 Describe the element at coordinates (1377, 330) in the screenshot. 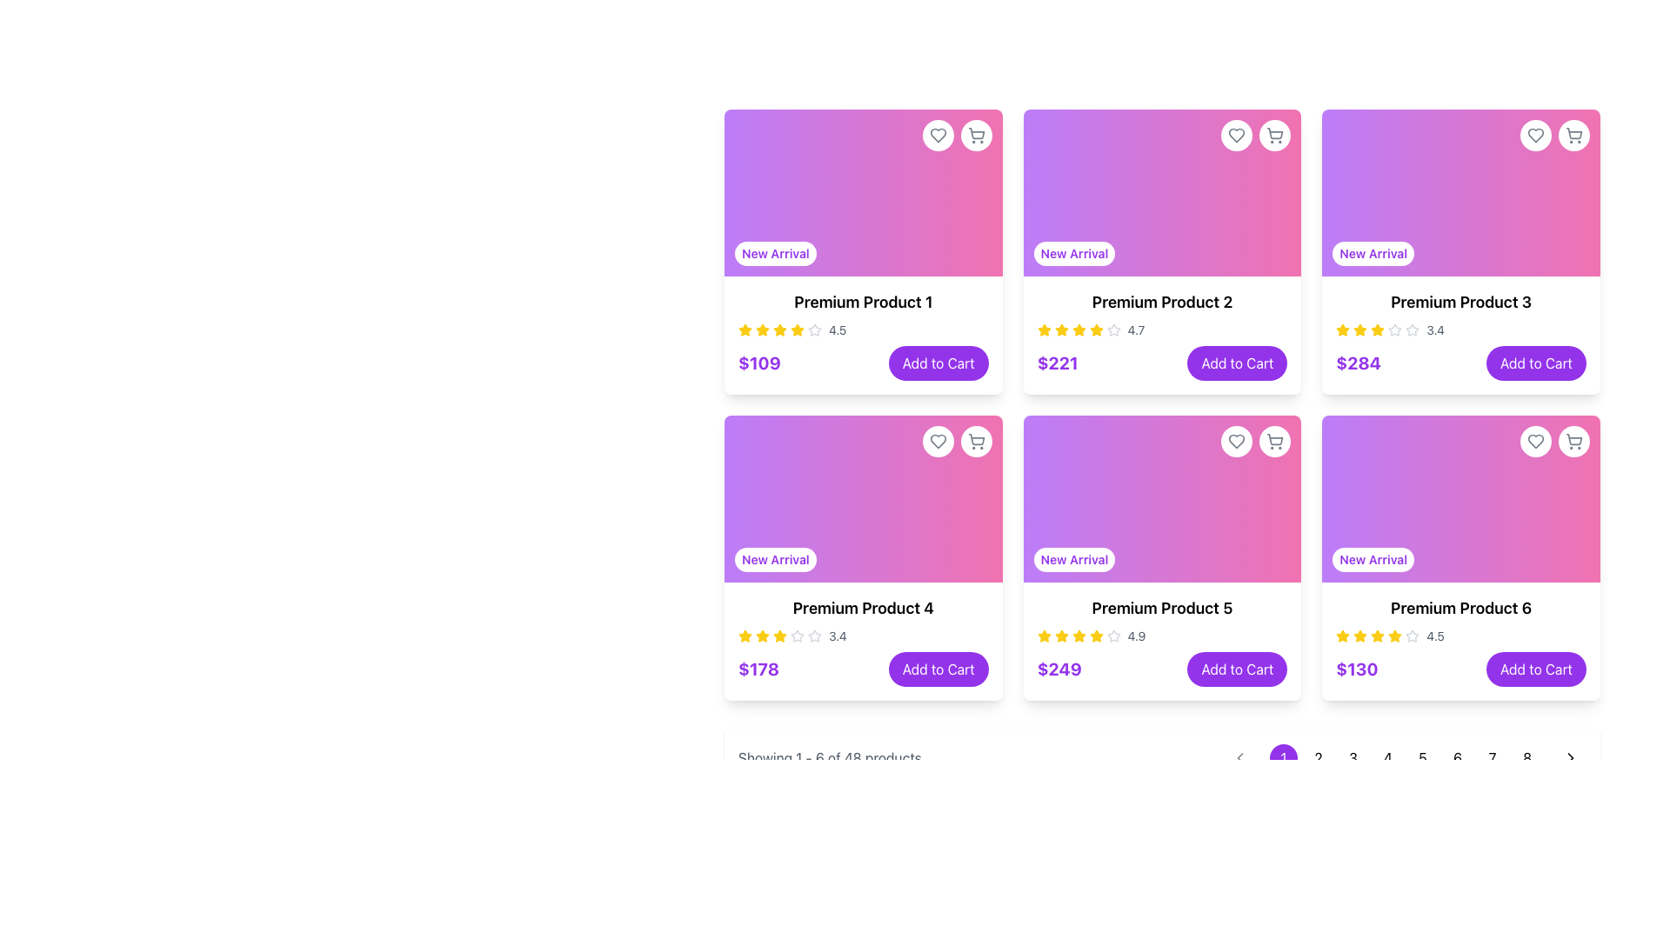

I see `the fifth star icon representing a 3.4-star rating for the 'Premium Product 3', located below the product title` at that location.